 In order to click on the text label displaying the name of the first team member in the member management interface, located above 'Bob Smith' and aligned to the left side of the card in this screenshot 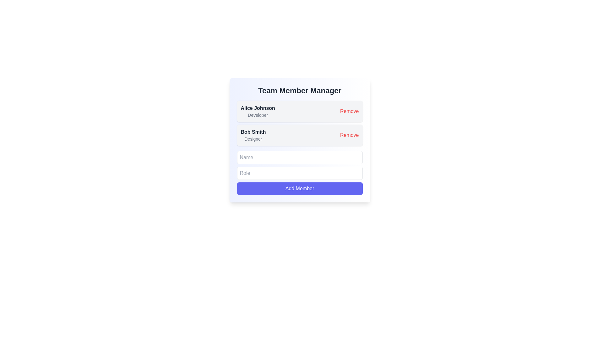, I will do `click(258, 108)`.